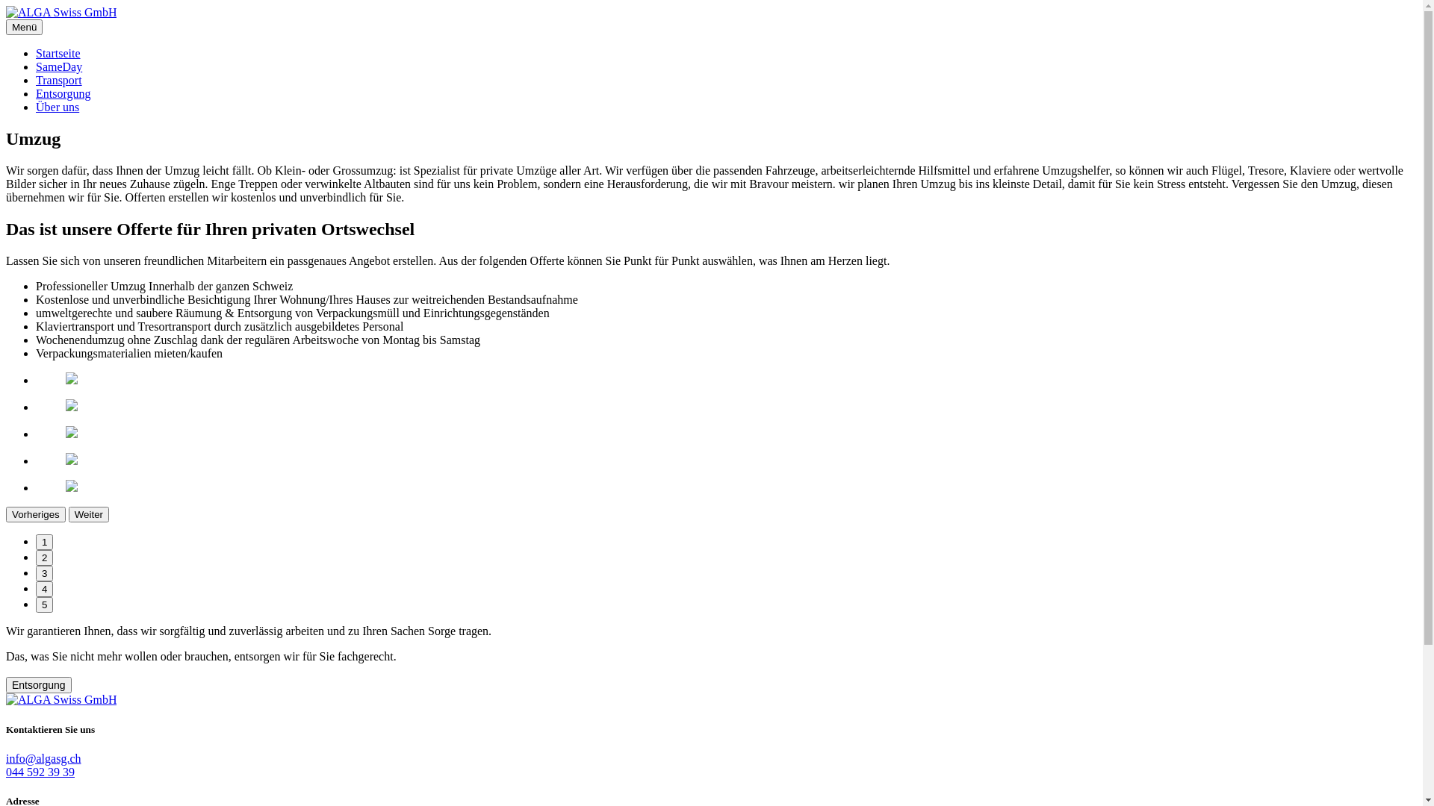 The image size is (1434, 806). I want to click on 'Startseite', so click(58, 52).